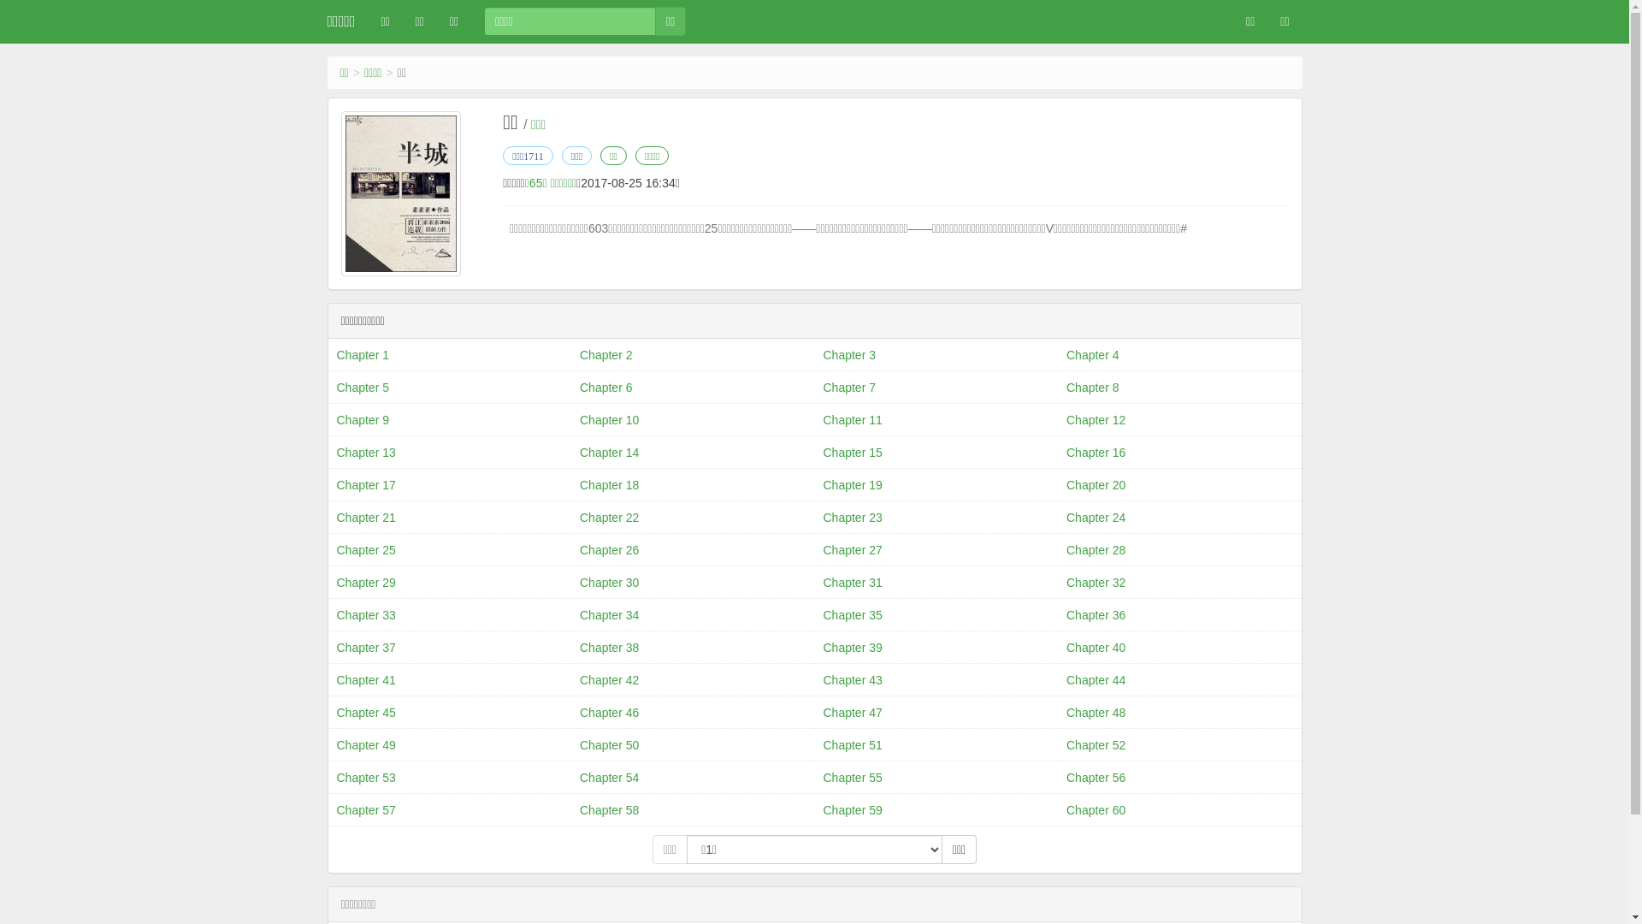 The width and height of the screenshot is (1642, 924). What do you see at coordinates (935, 713) in the screenshot?
I see `'Chapter 47'` at bounding box center [935, 713].